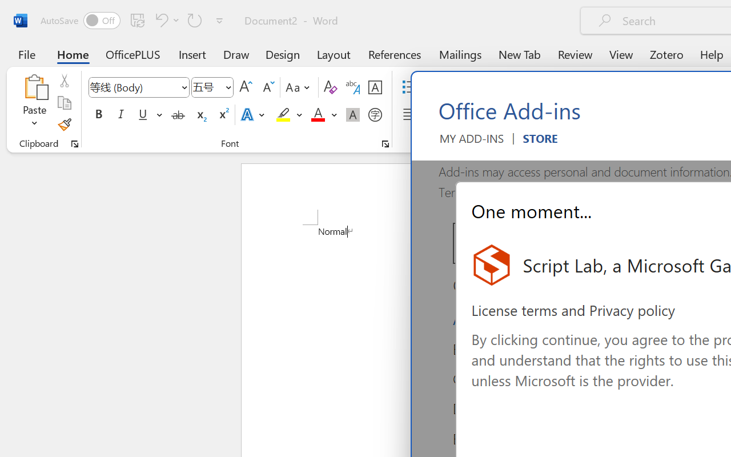 The image size is (731, 457). Describe the element at coordinates (395, 54) in the screenshot. I see `'References'` at that location.